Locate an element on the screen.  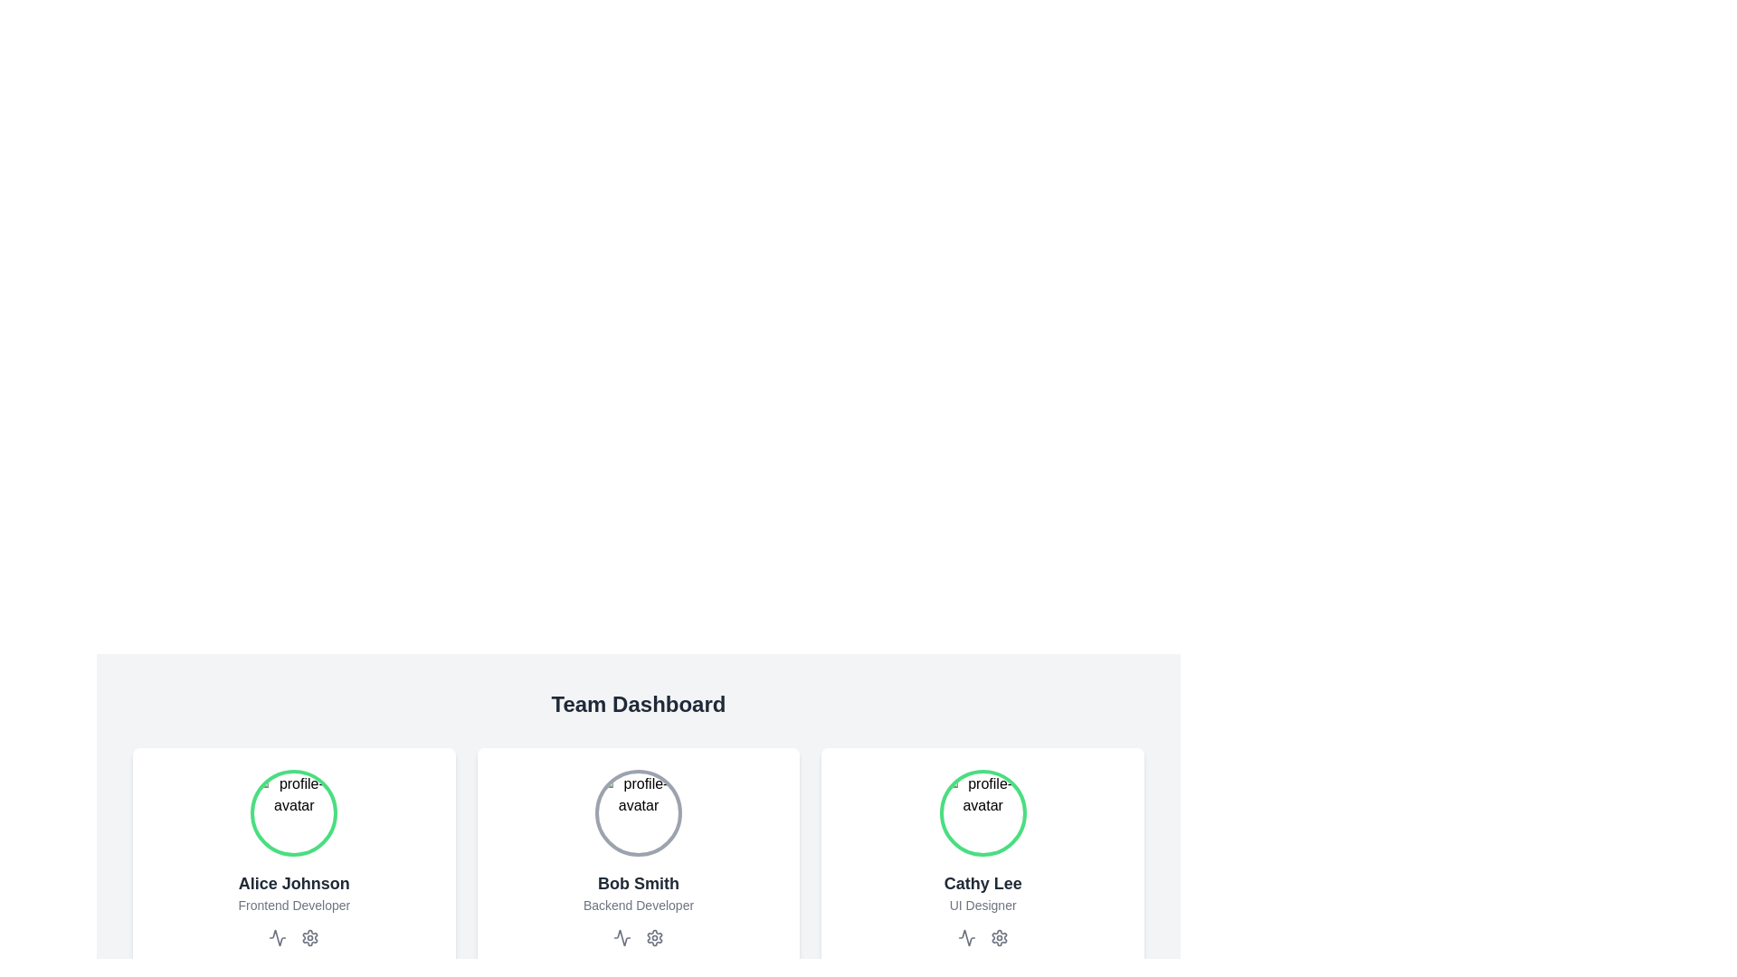
the circular profile image placeholder for Bob Smith in the Team Dashboard section is located at coordinates (638, 811).